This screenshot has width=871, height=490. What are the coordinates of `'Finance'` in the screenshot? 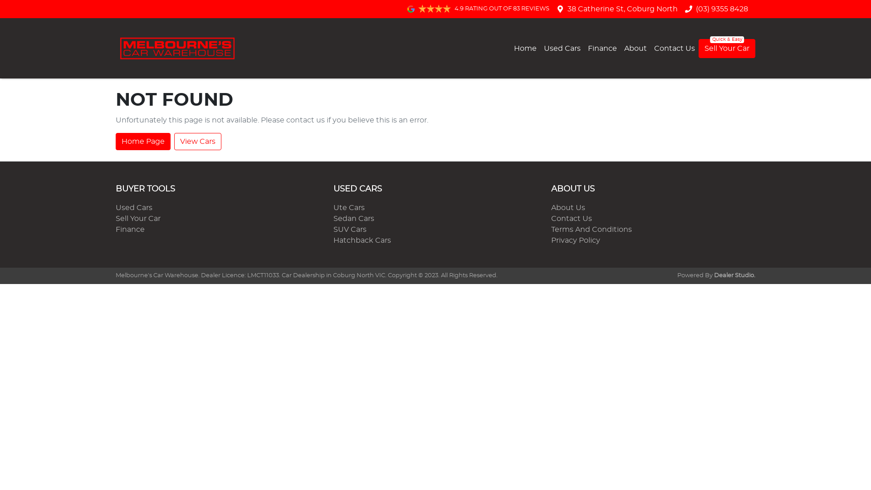 It's located at (602, 48).